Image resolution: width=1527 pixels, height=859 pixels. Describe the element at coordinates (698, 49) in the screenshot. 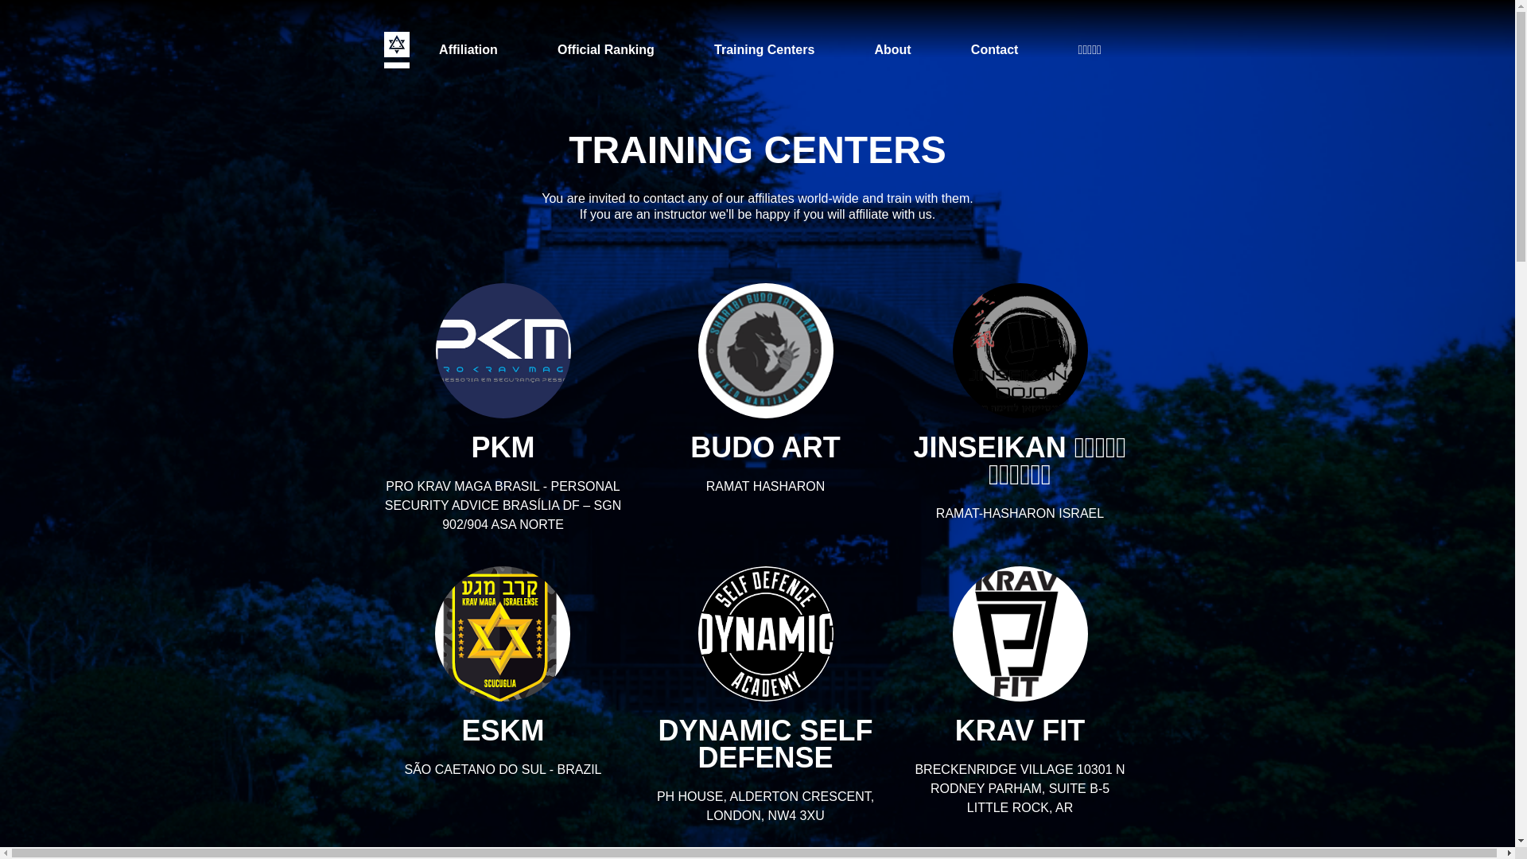

I see `'Training Centers'` at that location.